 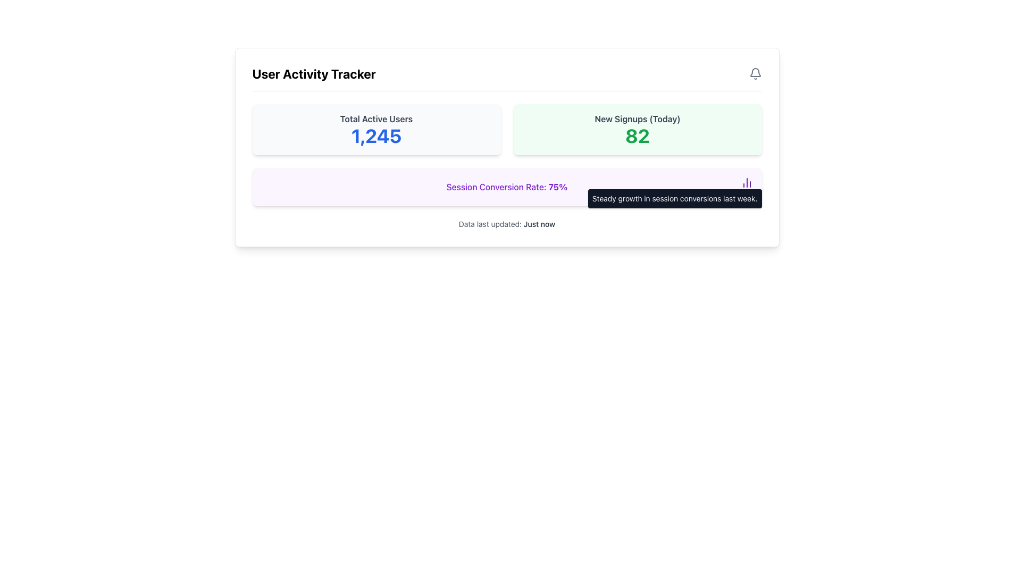 I want to click on the rectangular card displaying 'New Signups (Today)' with a numeric value of '82', located in the top-right corner of the grid layout, so click(x=638, y=129).